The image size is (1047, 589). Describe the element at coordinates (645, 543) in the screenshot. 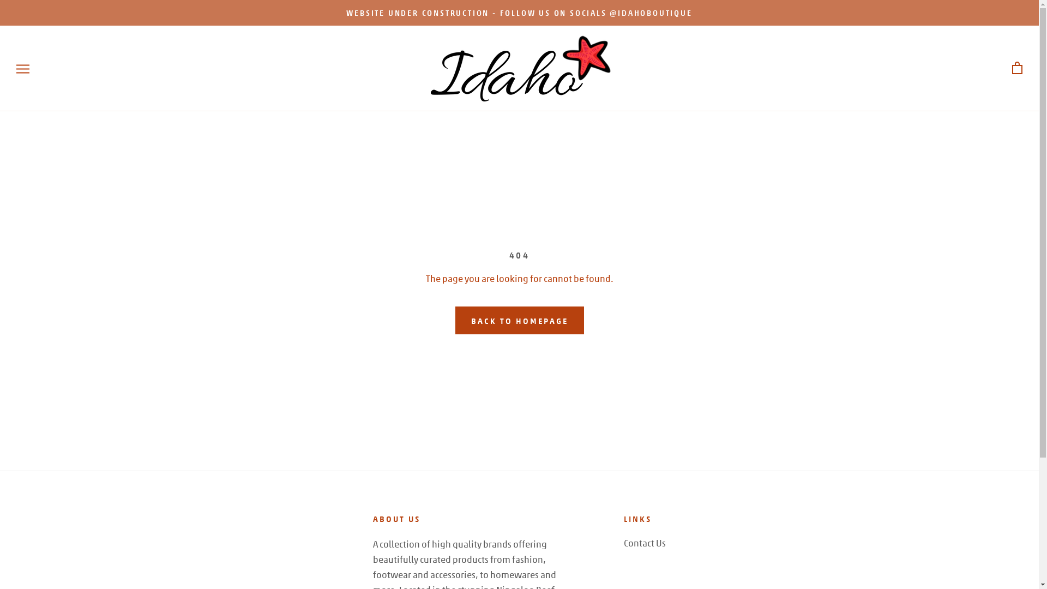

I see `'Contact Us'` at that location.